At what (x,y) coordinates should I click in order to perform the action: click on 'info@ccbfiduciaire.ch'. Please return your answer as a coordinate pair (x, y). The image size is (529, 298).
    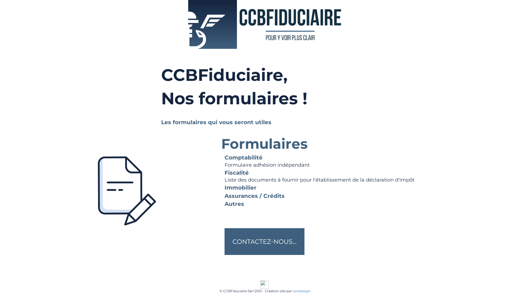
    Looking at the image, I should click on (214, 278).